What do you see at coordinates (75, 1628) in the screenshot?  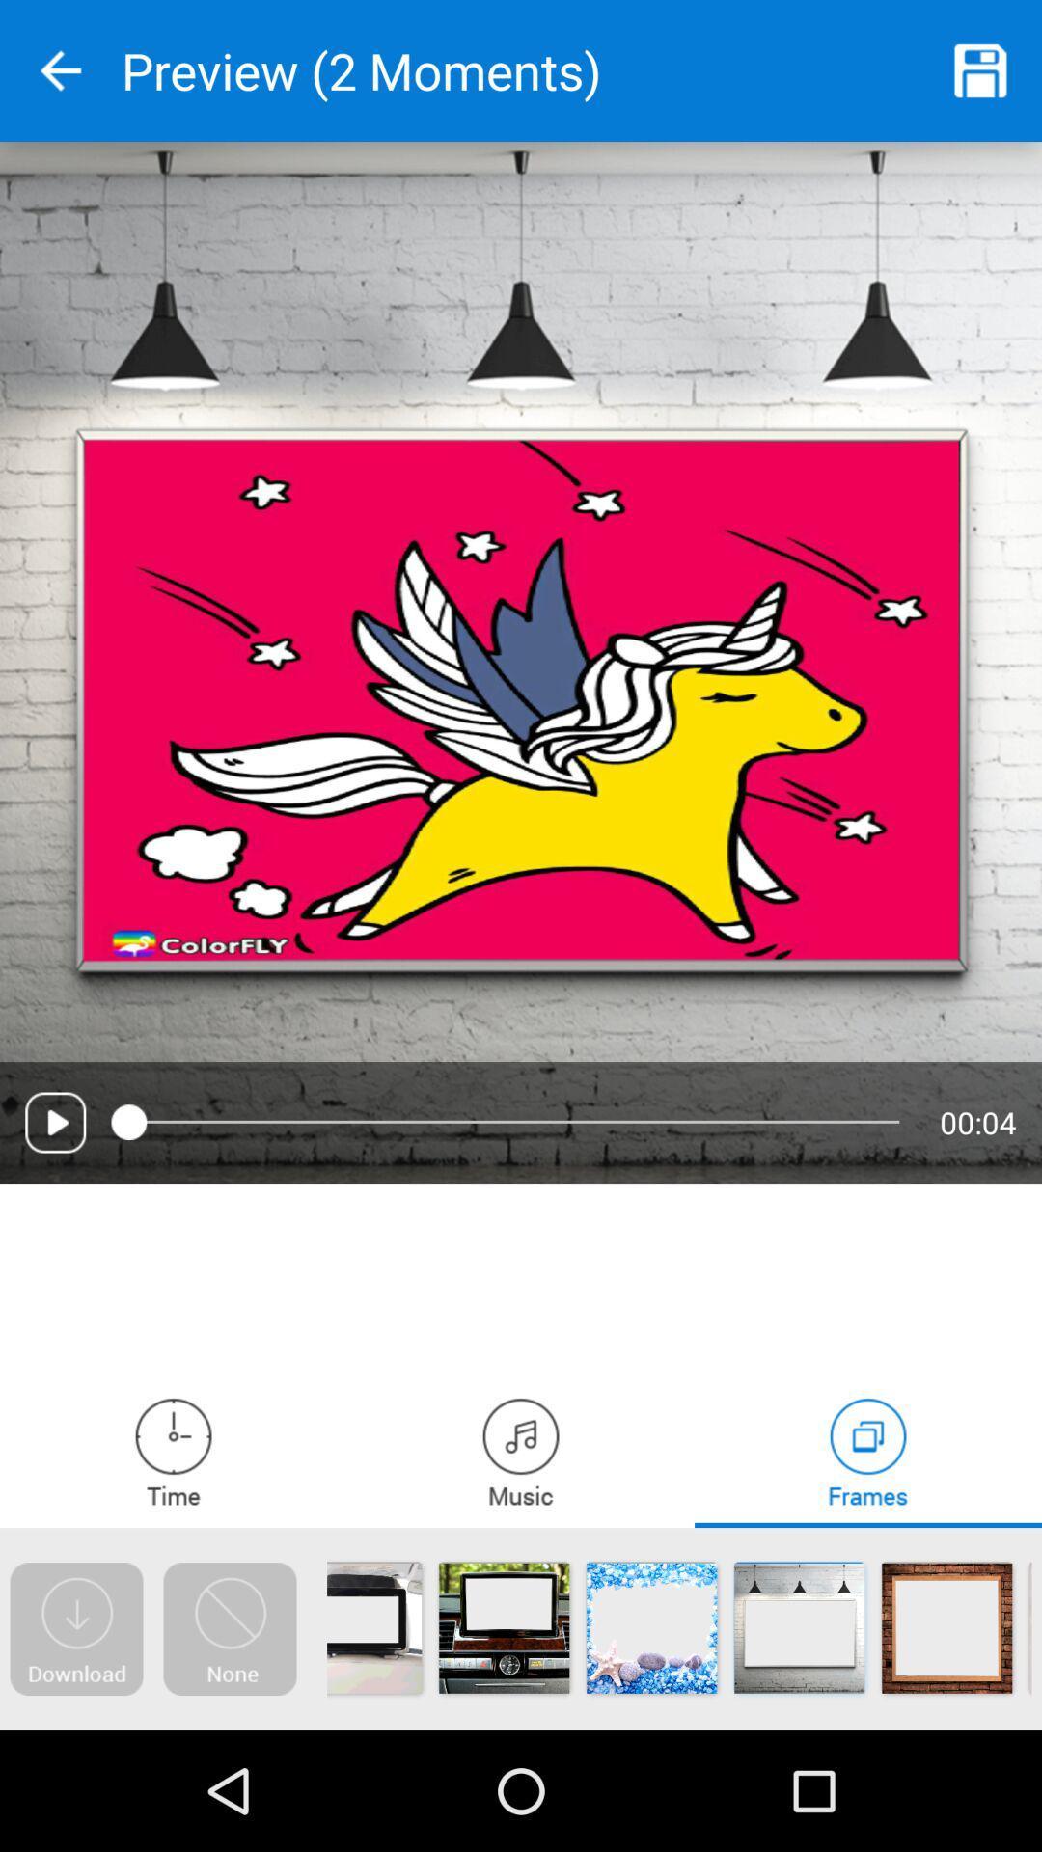 I see `download` at bounding box center [75, 1628].